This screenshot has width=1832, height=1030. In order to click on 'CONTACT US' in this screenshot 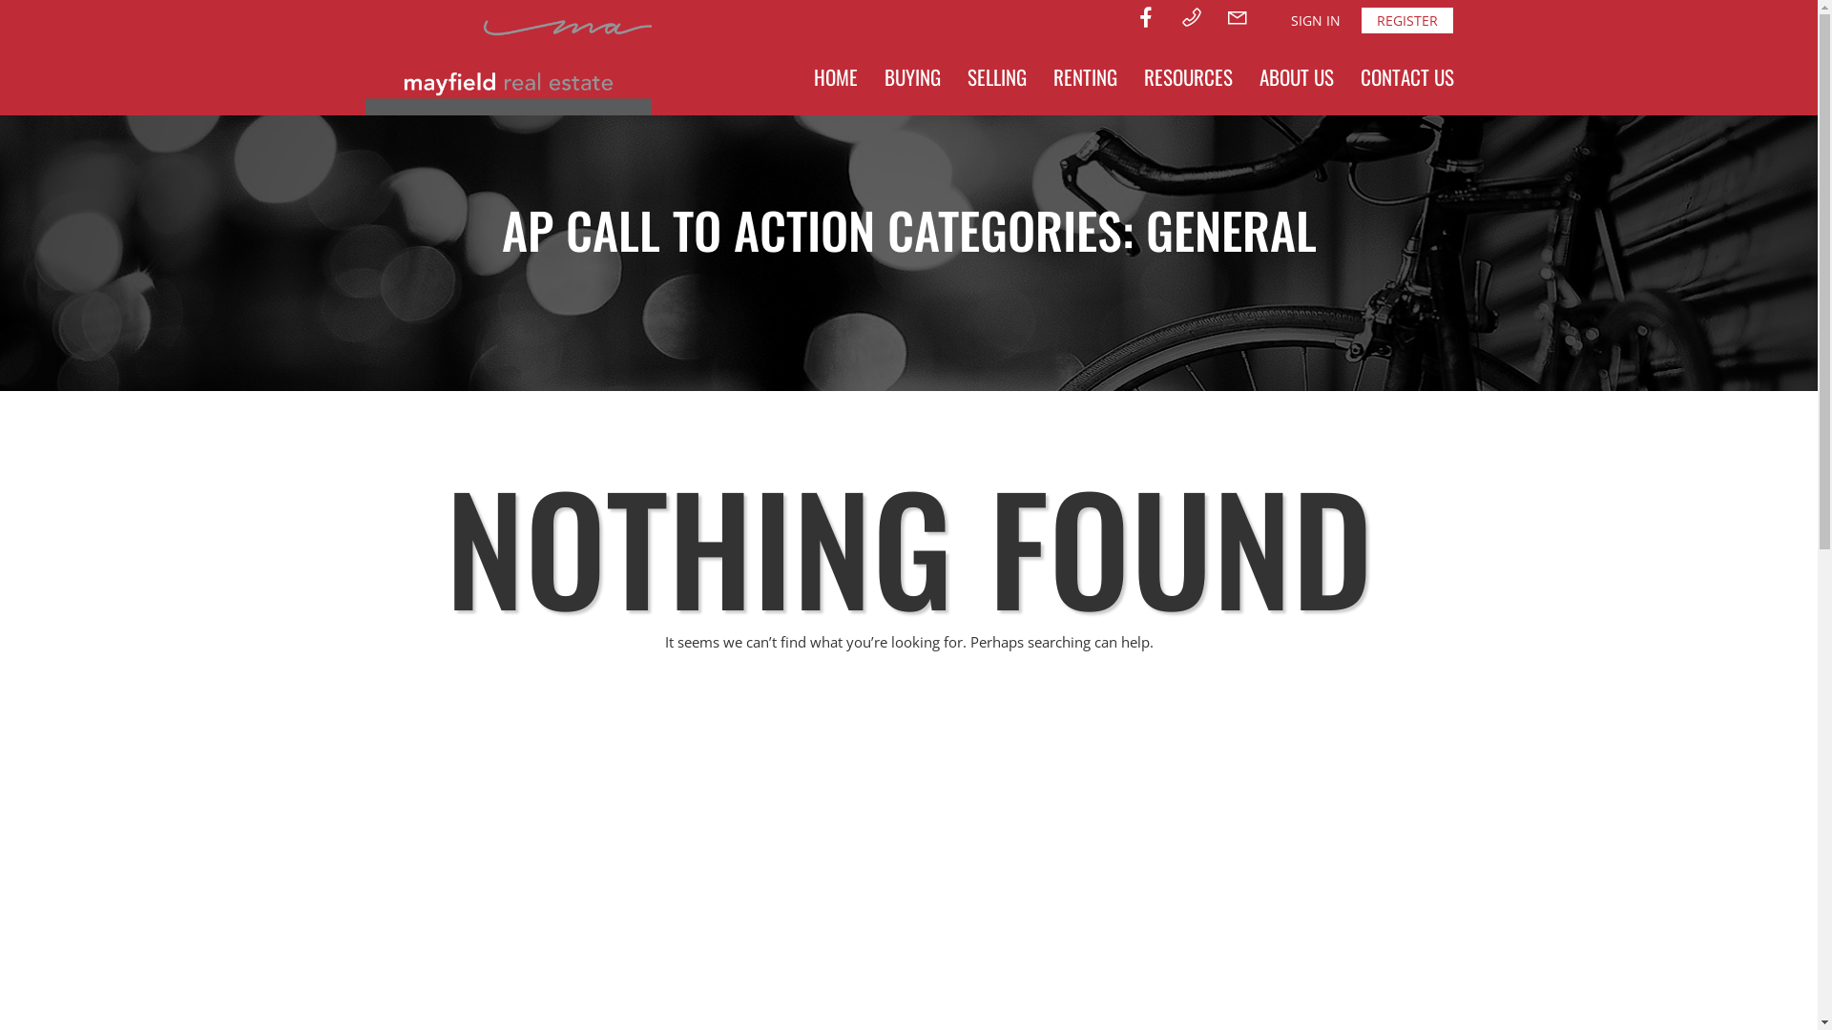, I will do `click(1345, 76)`.